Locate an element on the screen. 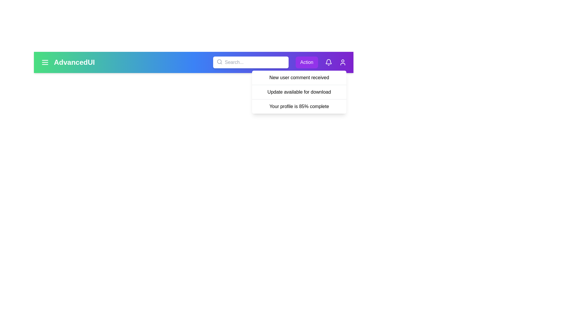  the 'Action' button is located at coordinates (307, 62).